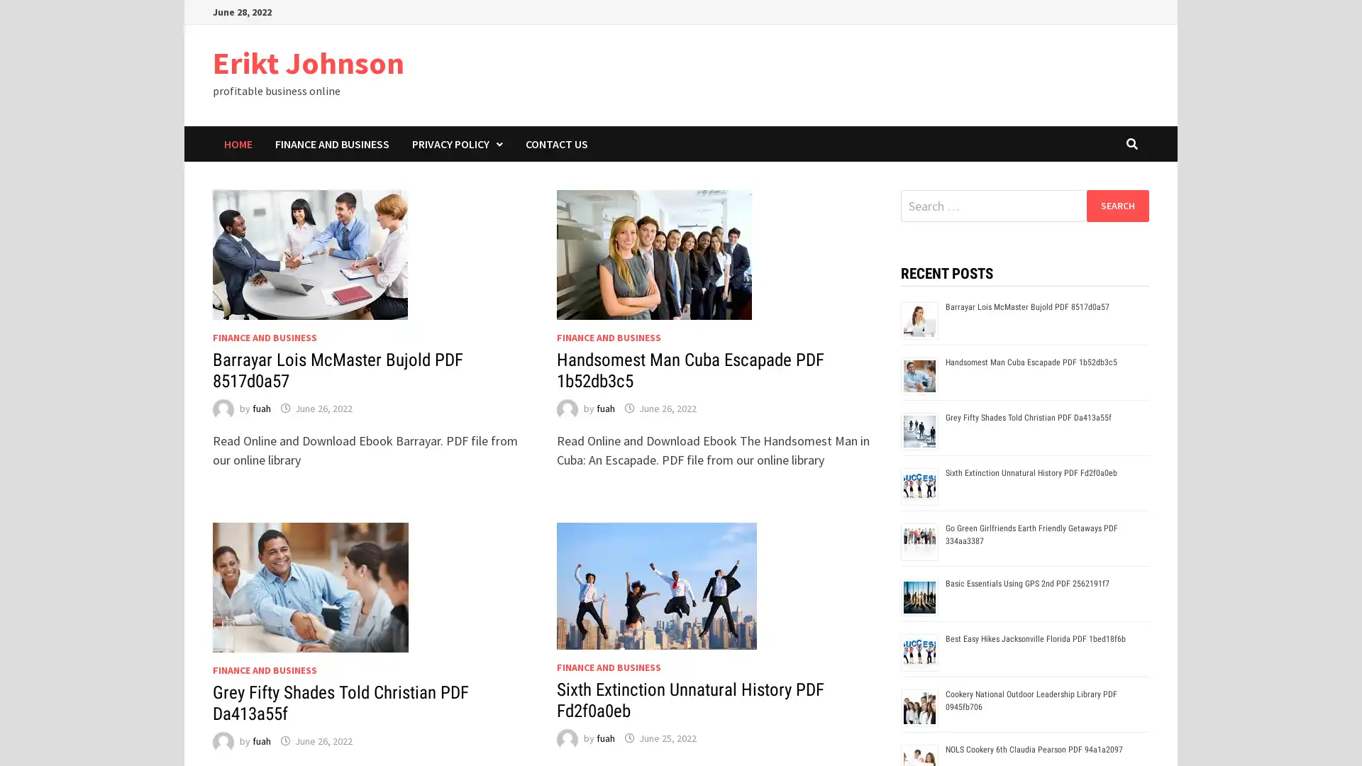  Describe the element at coordinates (1117, 205) in the screenshot. I see `Search` at that location.